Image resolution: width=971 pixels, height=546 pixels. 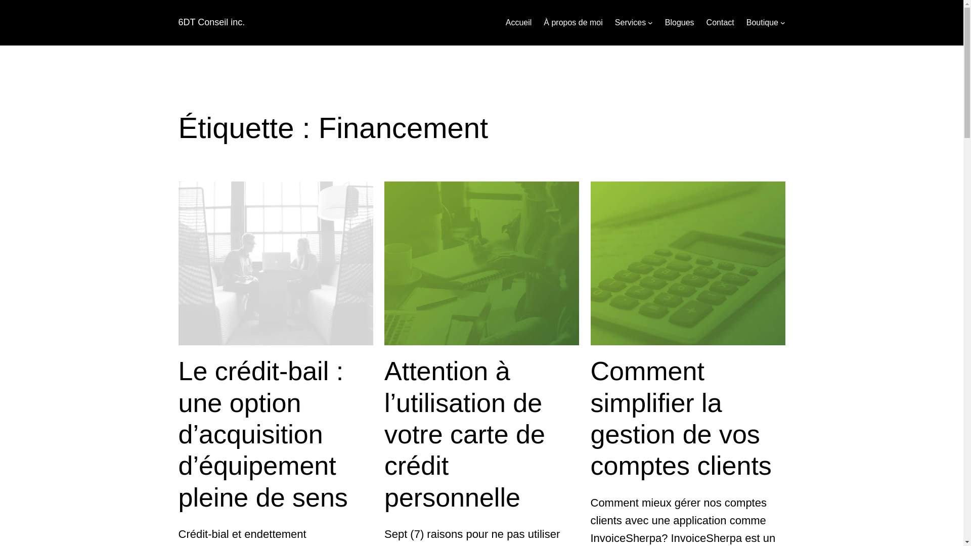 What do you see at coordinates (210, 22) in the screenshot?
I see `'6DT Conseil inc.'` at bounding box center [210, 22].